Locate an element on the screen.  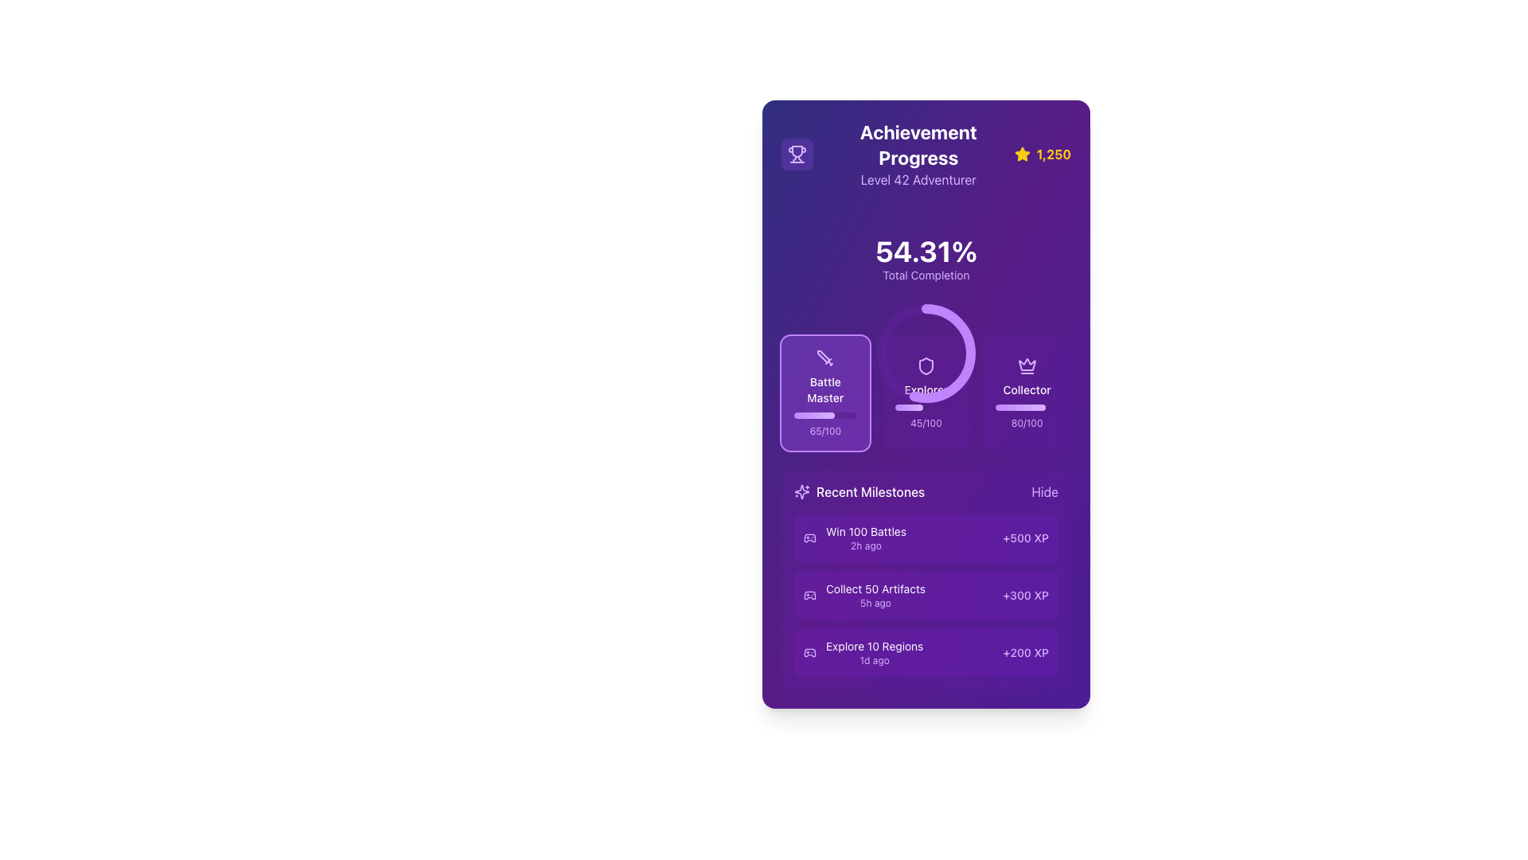
the star icon located to the upper right section of the interface, immediately to the left of the numeric text '1,250' is located at coordinates (1022, 154).